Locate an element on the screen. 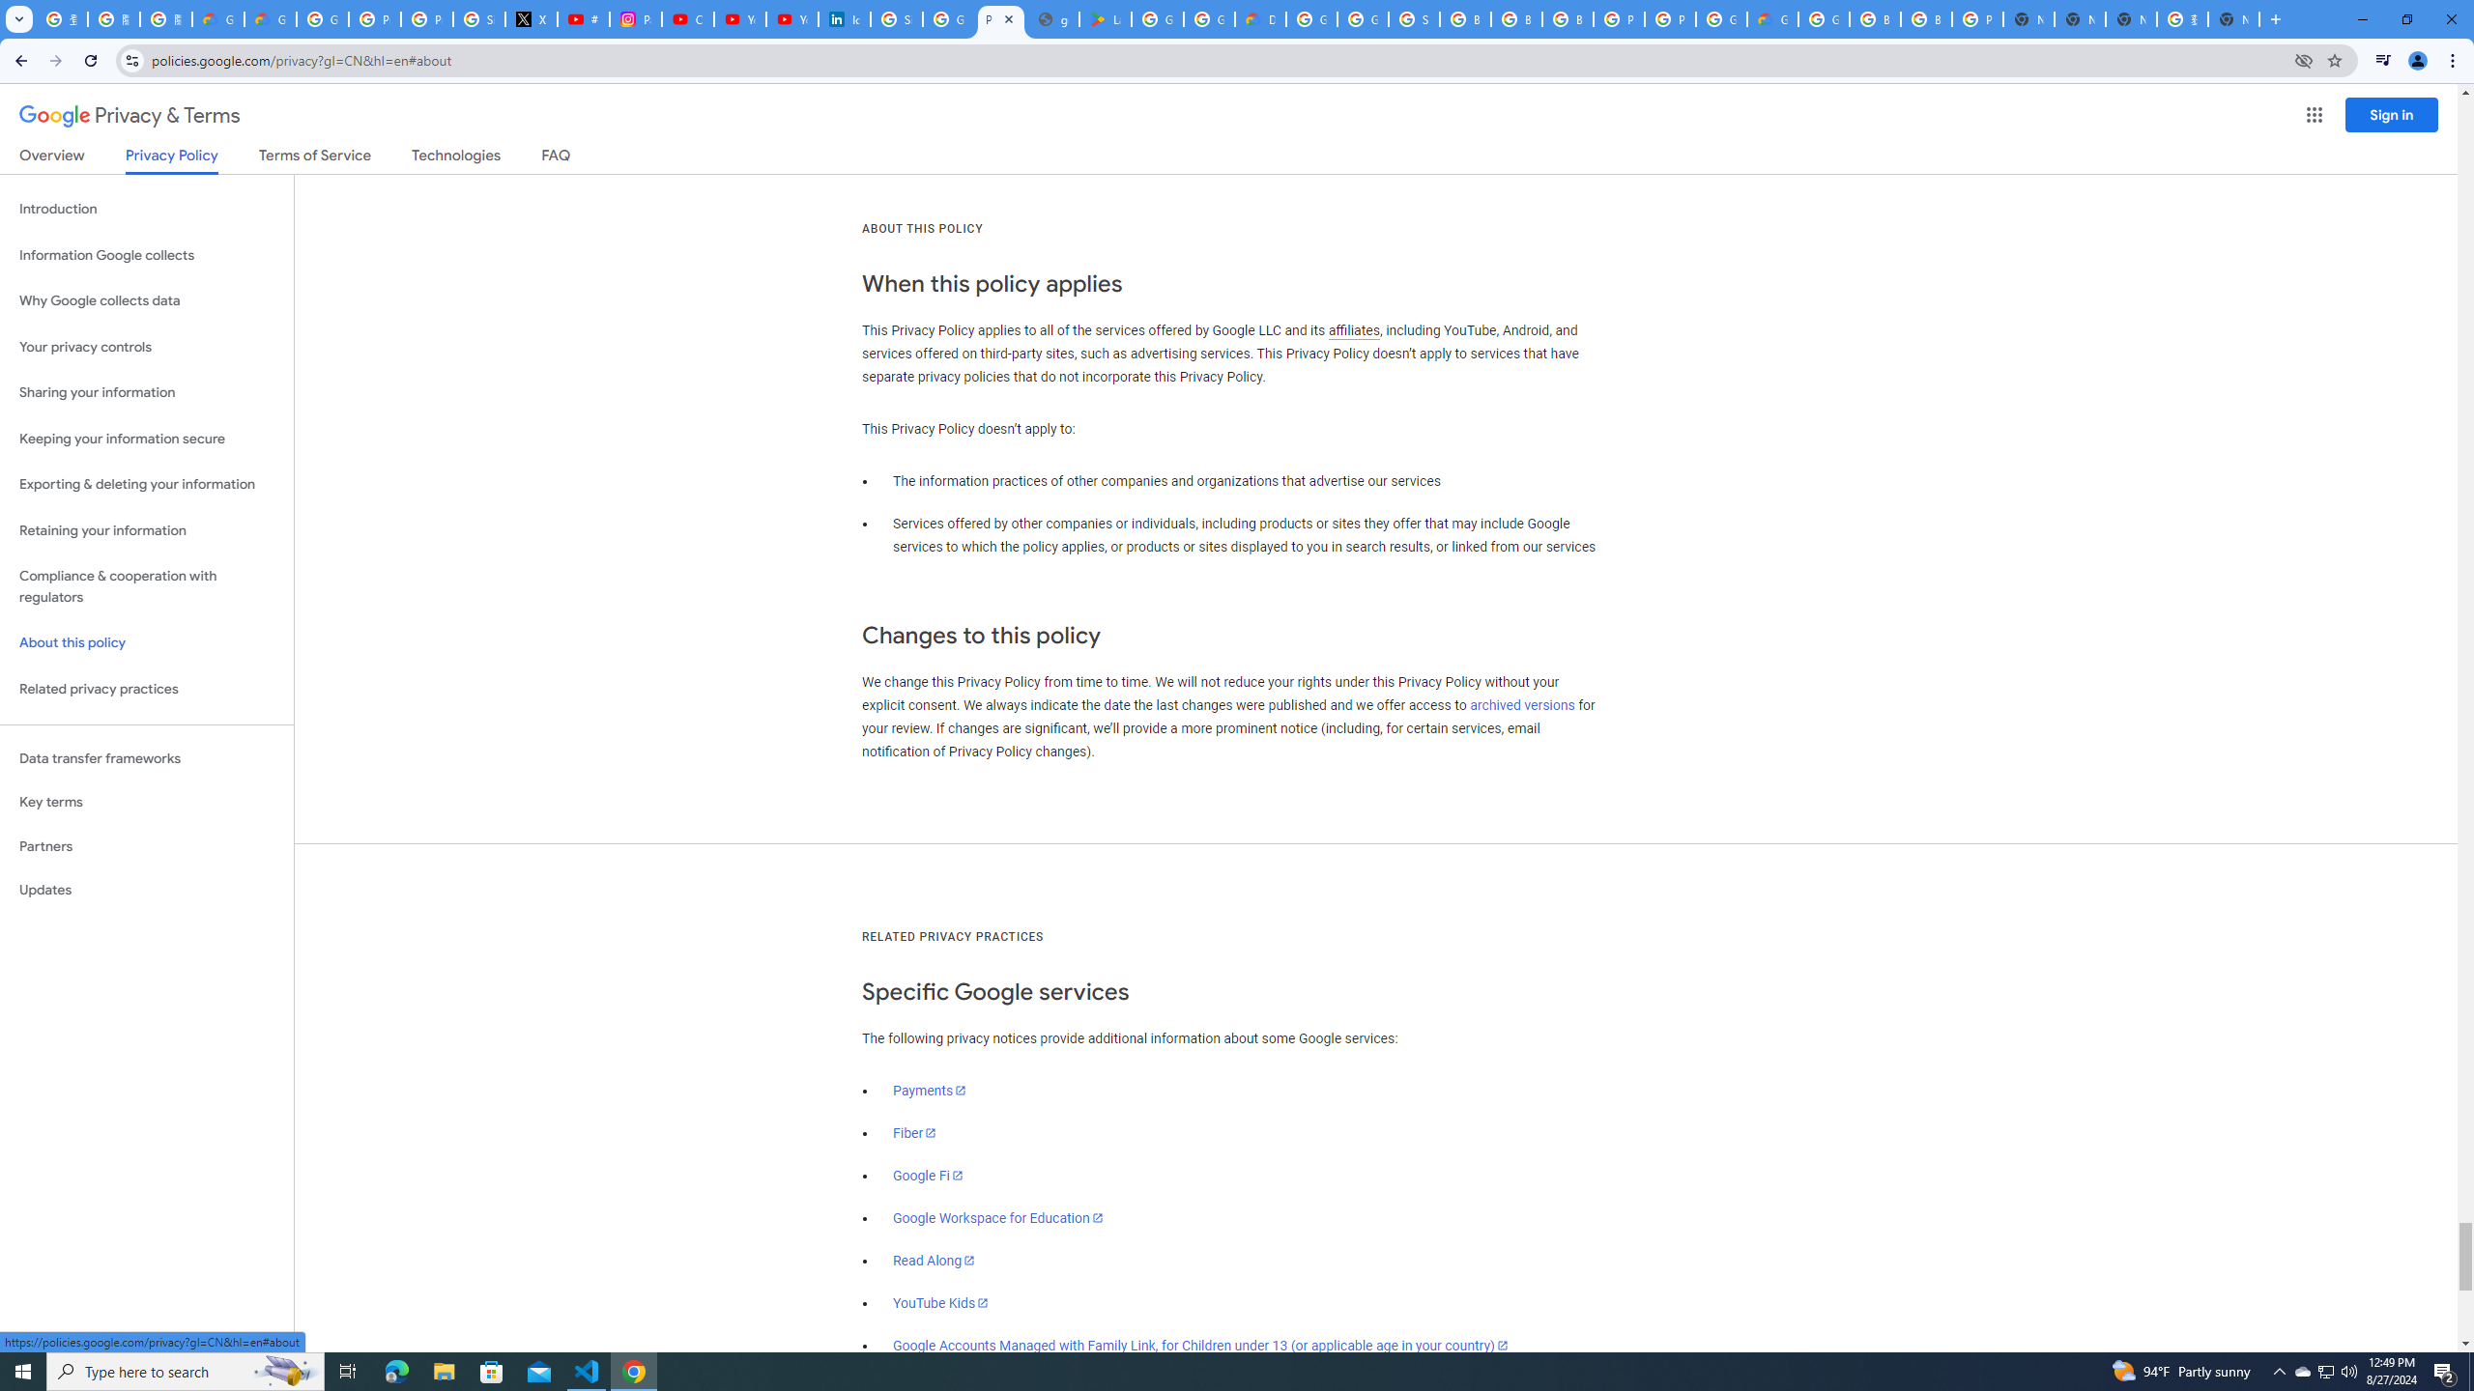  'Google Cloud Platform' is located at coordinates (1721, 18).